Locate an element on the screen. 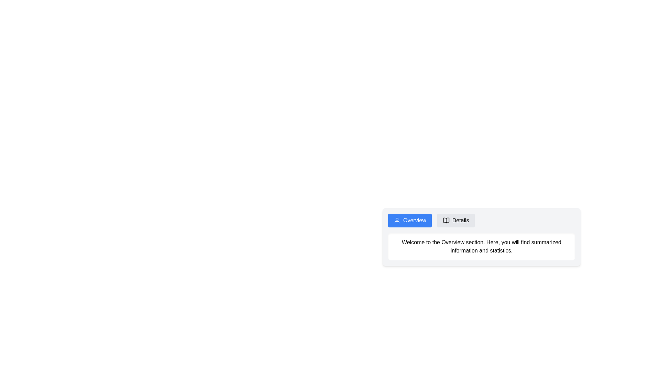 The image size is (660, 371). the 'Overview' button which contains a circular SVG icon representing a human figure with a blue background is located at coordinates (397, 220).